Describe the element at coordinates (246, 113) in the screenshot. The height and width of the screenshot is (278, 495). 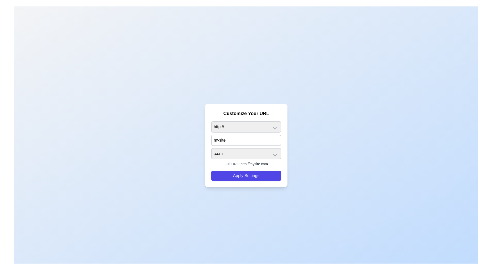
I see `the text header that states 'Customize Your URL', located at the top of the main content card above the URL customization controls` at that location.